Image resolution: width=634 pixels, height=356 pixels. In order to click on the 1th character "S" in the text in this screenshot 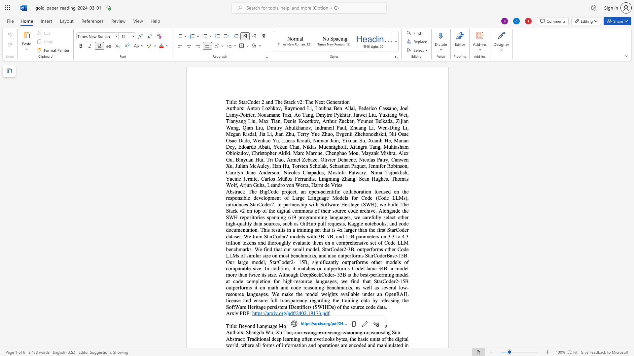, I will do `click(247, 332)`.